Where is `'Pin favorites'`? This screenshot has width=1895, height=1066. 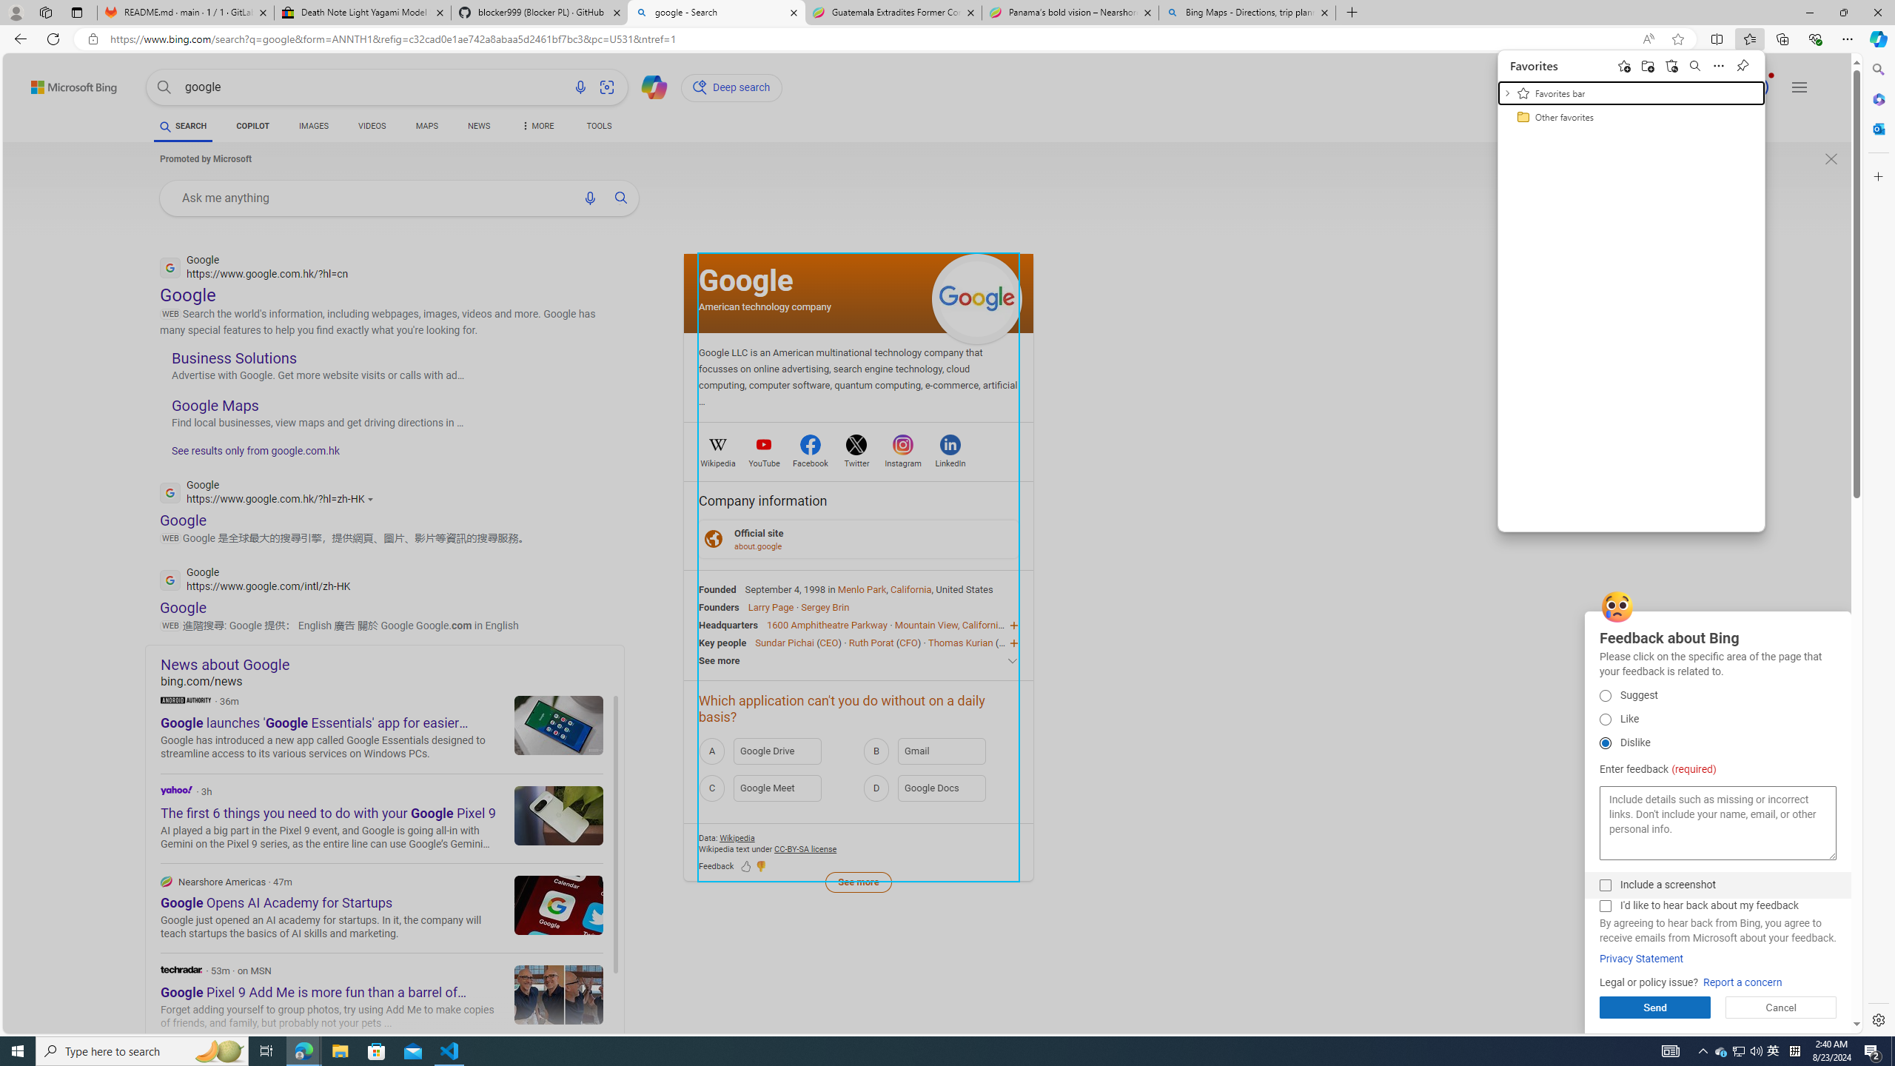 'Pin favorites' is located at coordinates (1694, 65).